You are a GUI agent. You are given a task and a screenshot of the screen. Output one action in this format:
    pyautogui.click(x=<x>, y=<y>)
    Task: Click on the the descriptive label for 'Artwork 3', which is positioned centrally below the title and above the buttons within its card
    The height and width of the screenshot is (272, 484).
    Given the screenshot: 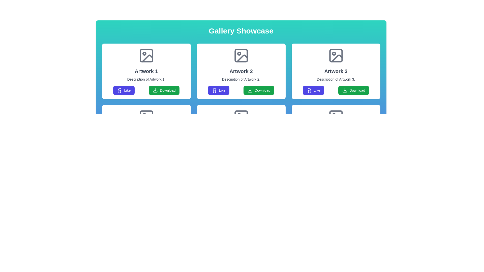 What is the action you would take?
    pyautogui.click(x=336, y=79)
    